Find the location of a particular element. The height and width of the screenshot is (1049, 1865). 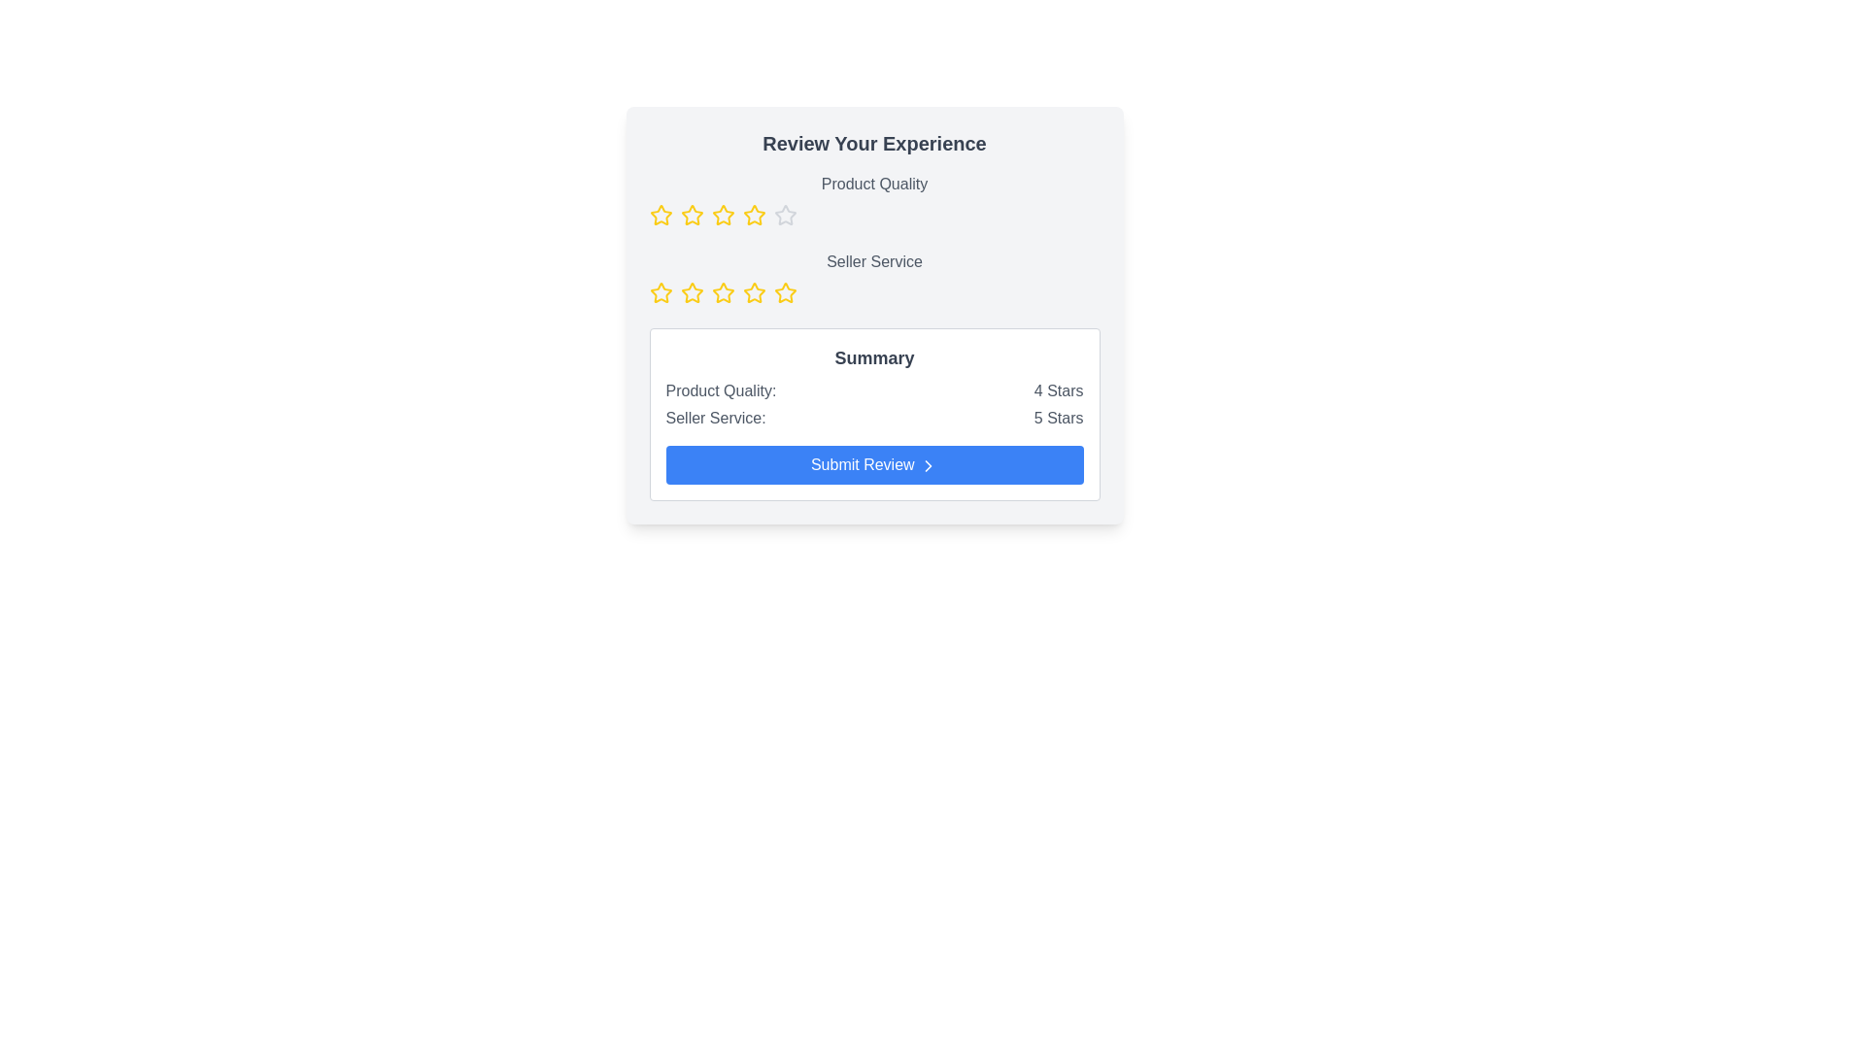

the fourth golden star icon in the second row of the rating system is located at coordinates (753, 292).